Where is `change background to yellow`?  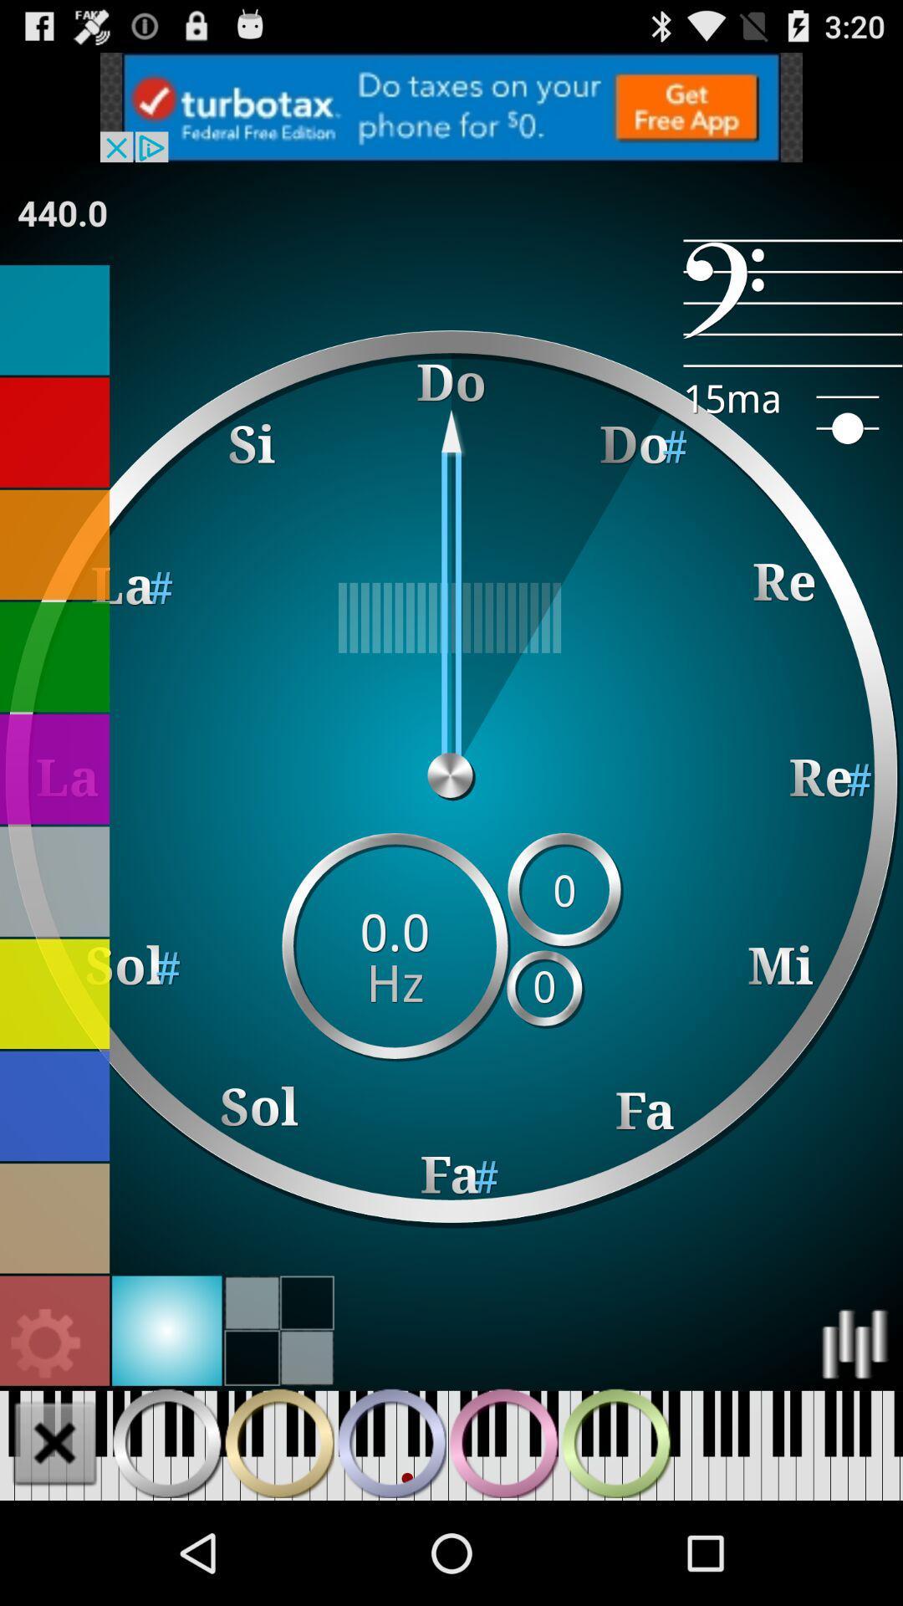
change background to yellow is located at coordinates (54, 994).